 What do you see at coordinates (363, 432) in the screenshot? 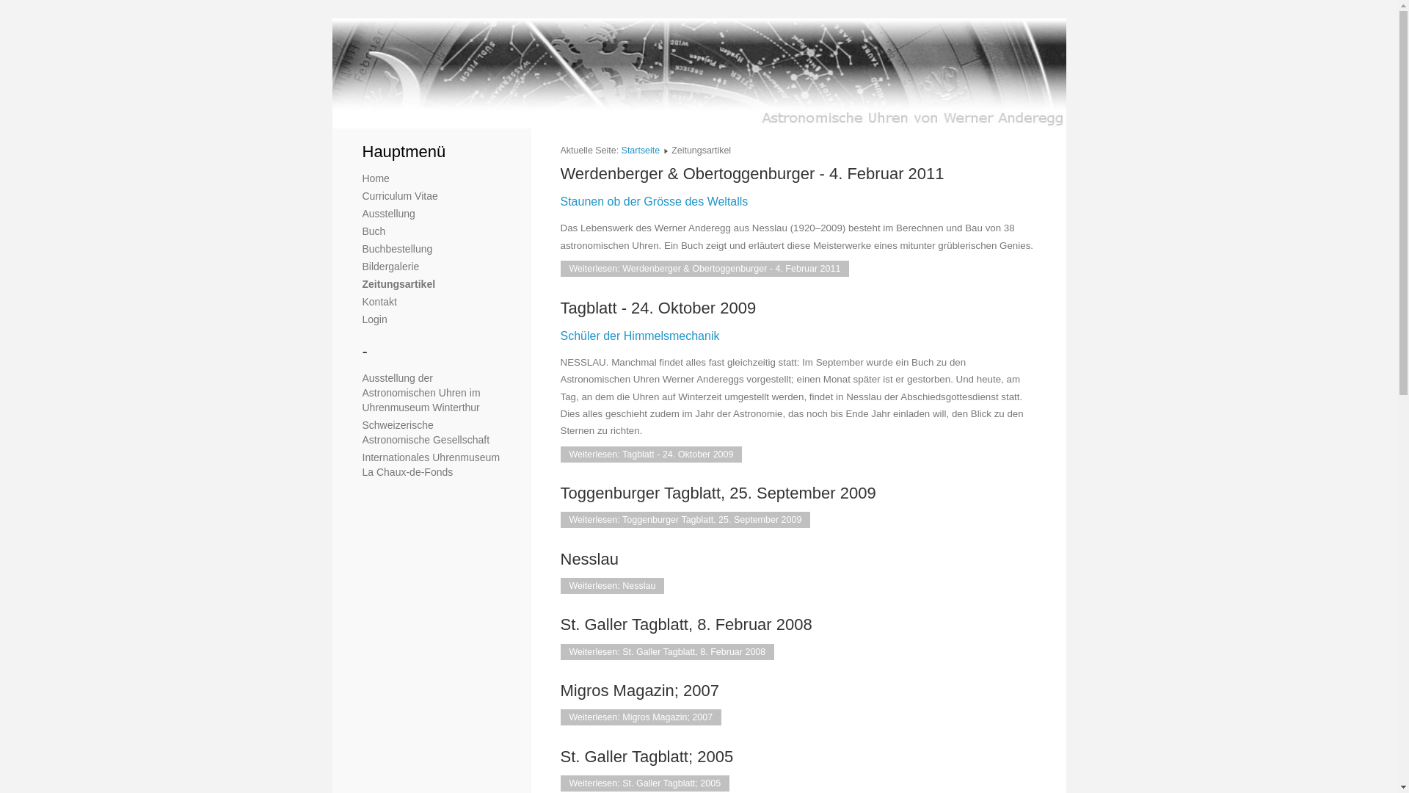
I see `'Schweizerische Astronomische Gesellschaft'` at bounding box center [363, 432].